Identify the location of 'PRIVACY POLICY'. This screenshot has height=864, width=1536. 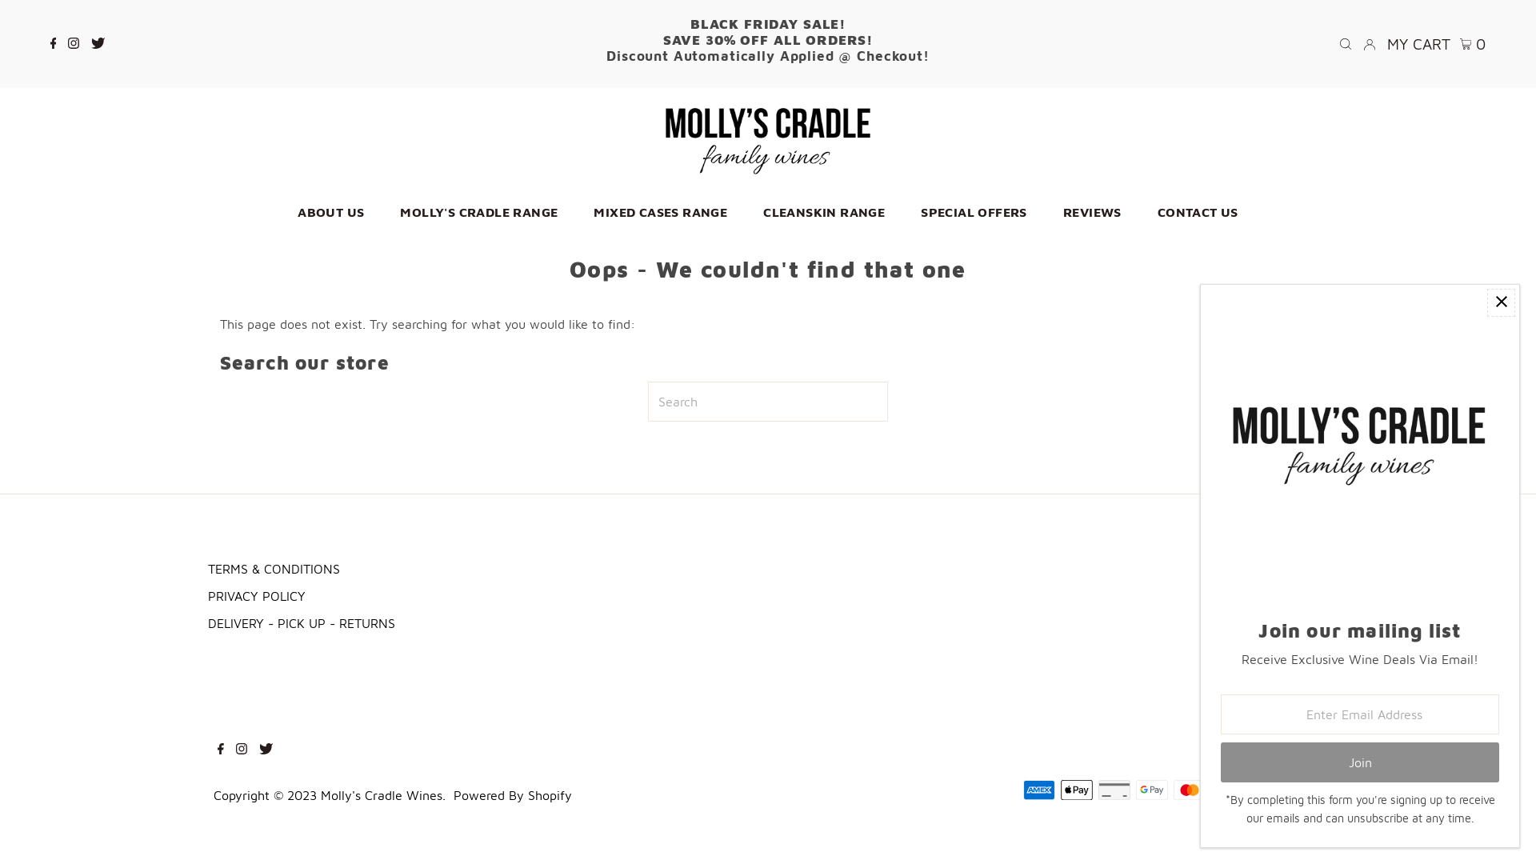
(257, 595).